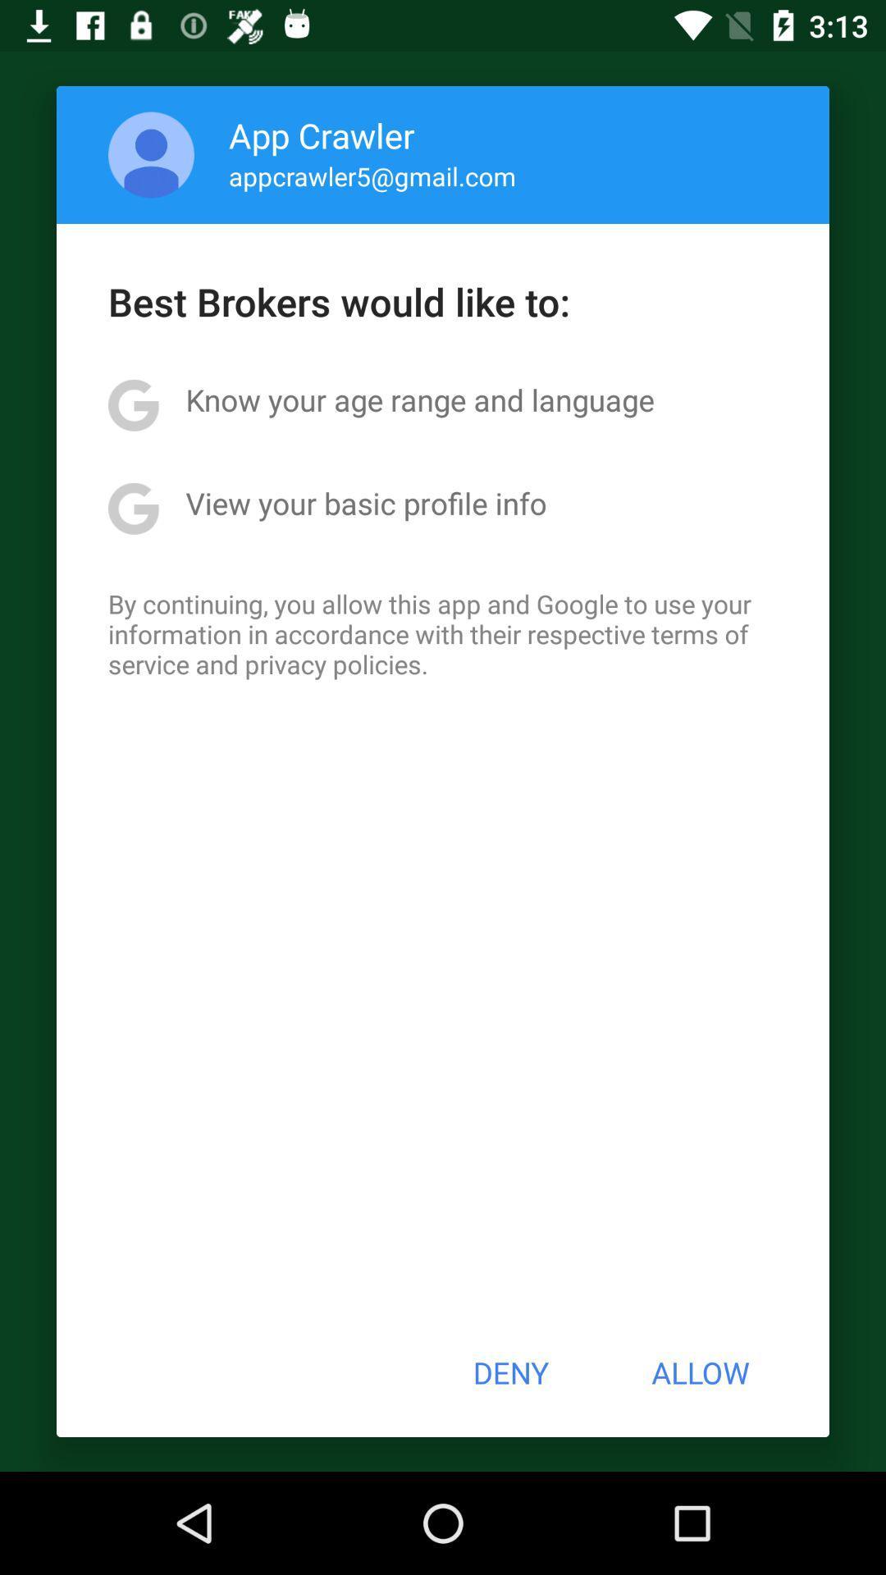  What do you see at coordinates (509, 1372) in the screenshot?
I see `the icon below by continuing you app` at bounding box center [509, 1372].